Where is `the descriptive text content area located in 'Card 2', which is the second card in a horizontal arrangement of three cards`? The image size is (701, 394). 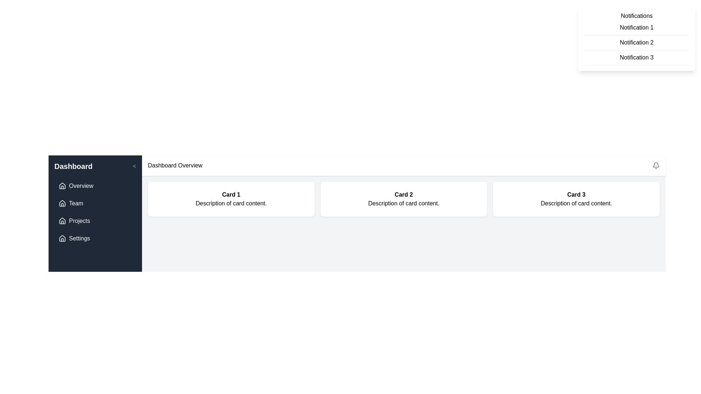 the descriptive text content area located in 'Card 2', which is the second card in a horizontal arrangement of three cards is located at coordinates (403, 204).